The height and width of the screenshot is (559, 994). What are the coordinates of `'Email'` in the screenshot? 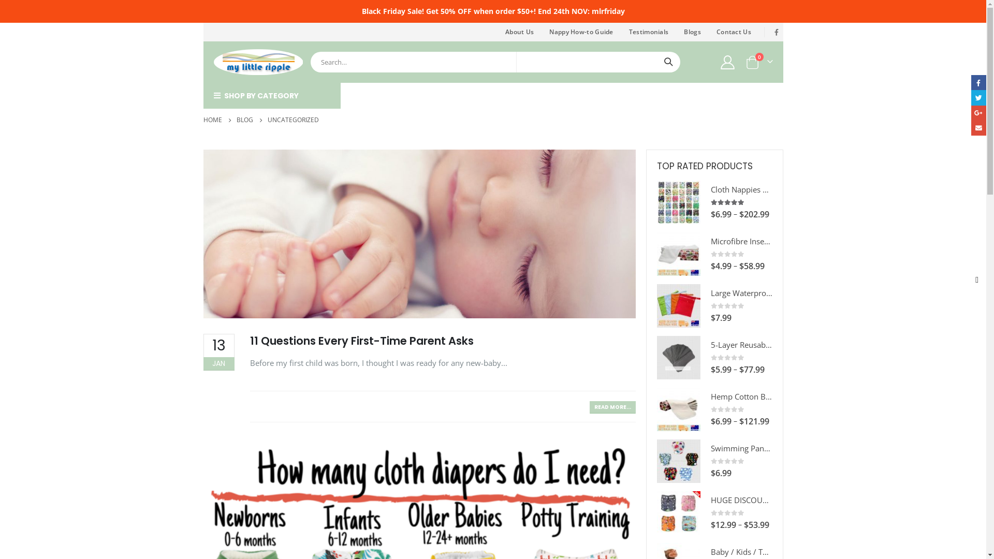 It's located at (978, 127).